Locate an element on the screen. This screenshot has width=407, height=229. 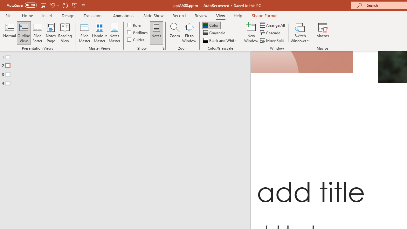
'Guides' is located at coordinates (136, 39).